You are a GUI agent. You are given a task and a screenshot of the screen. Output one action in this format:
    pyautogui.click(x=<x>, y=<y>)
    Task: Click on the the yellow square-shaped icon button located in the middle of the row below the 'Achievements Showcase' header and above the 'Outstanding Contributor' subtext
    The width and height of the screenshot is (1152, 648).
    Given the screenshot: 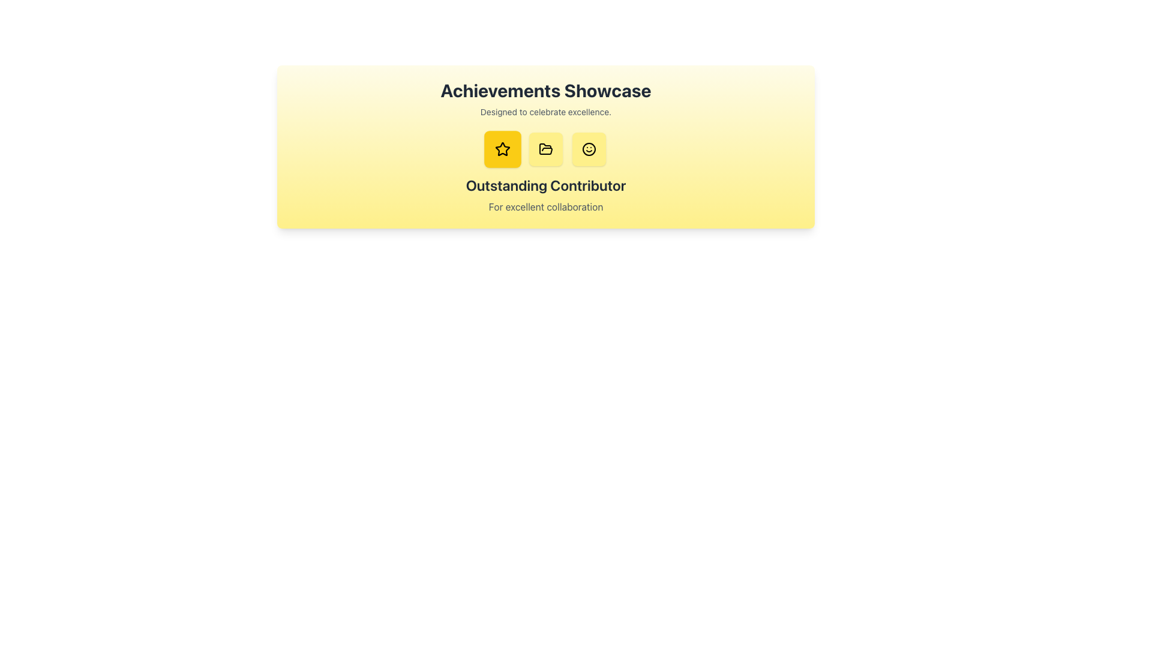 What is the action you would take?
    pyautogui.click(x=545, y=149)
    